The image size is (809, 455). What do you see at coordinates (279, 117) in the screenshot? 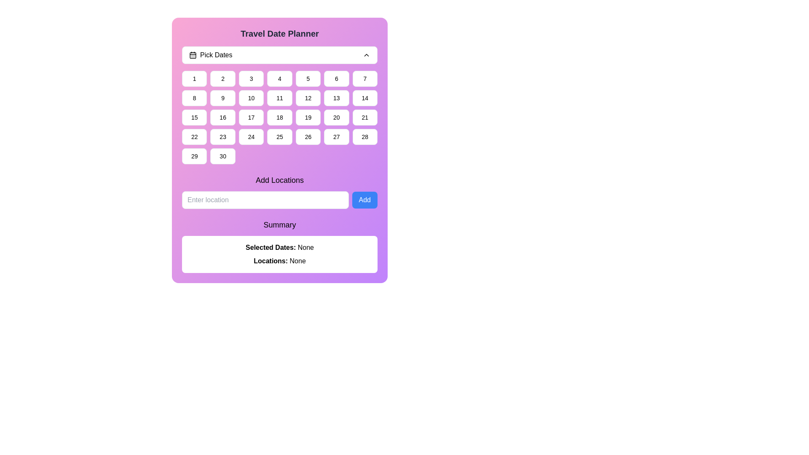
I see `the selection button for the 18th of the month in the date picker interface` at bounding box center [279, 117].